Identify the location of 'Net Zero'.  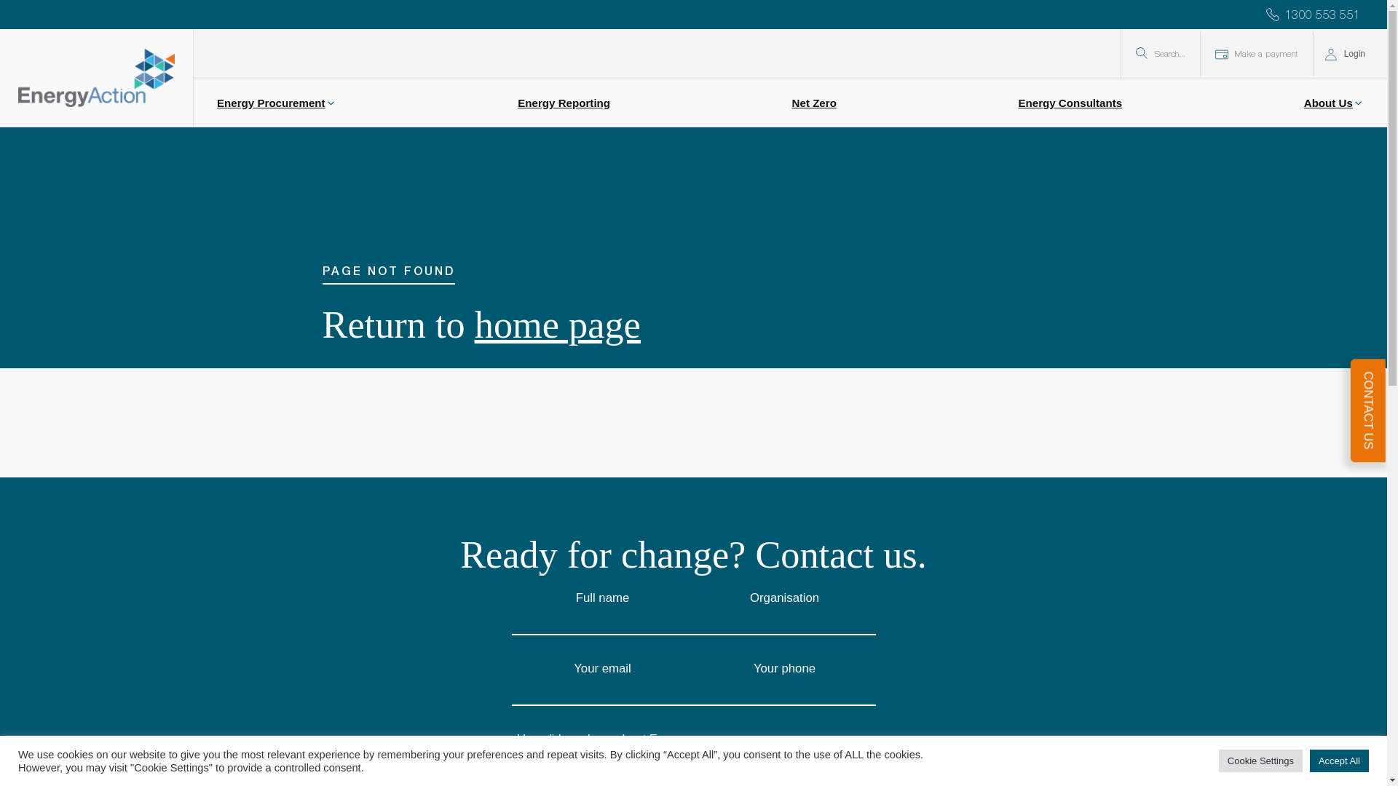
(813, 102).